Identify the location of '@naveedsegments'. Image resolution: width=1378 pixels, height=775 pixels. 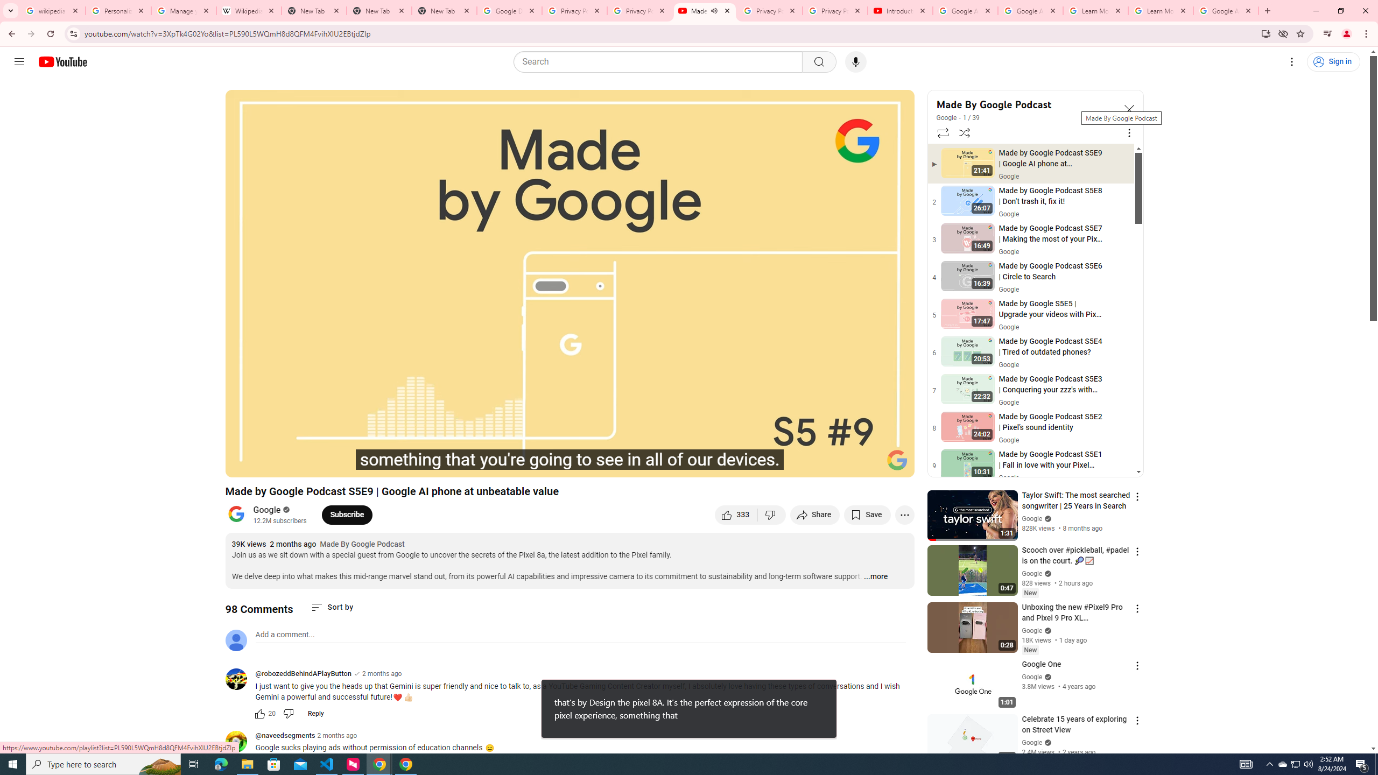
(285, 736).